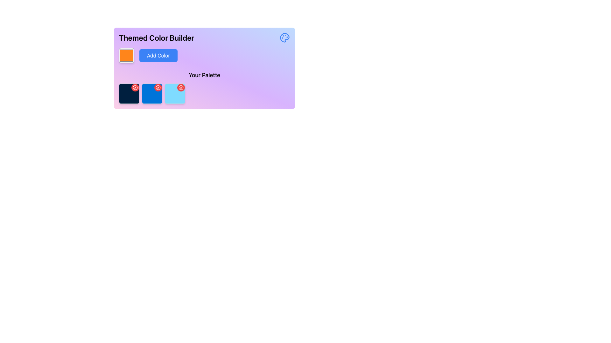 Image resolution: width=611 pixels, height=343 pixels. What do you see at coordinates (152, 93) in the screenshot?
I see `the second color box in the 'Your Palette' section` at bounding box center [152, 93].